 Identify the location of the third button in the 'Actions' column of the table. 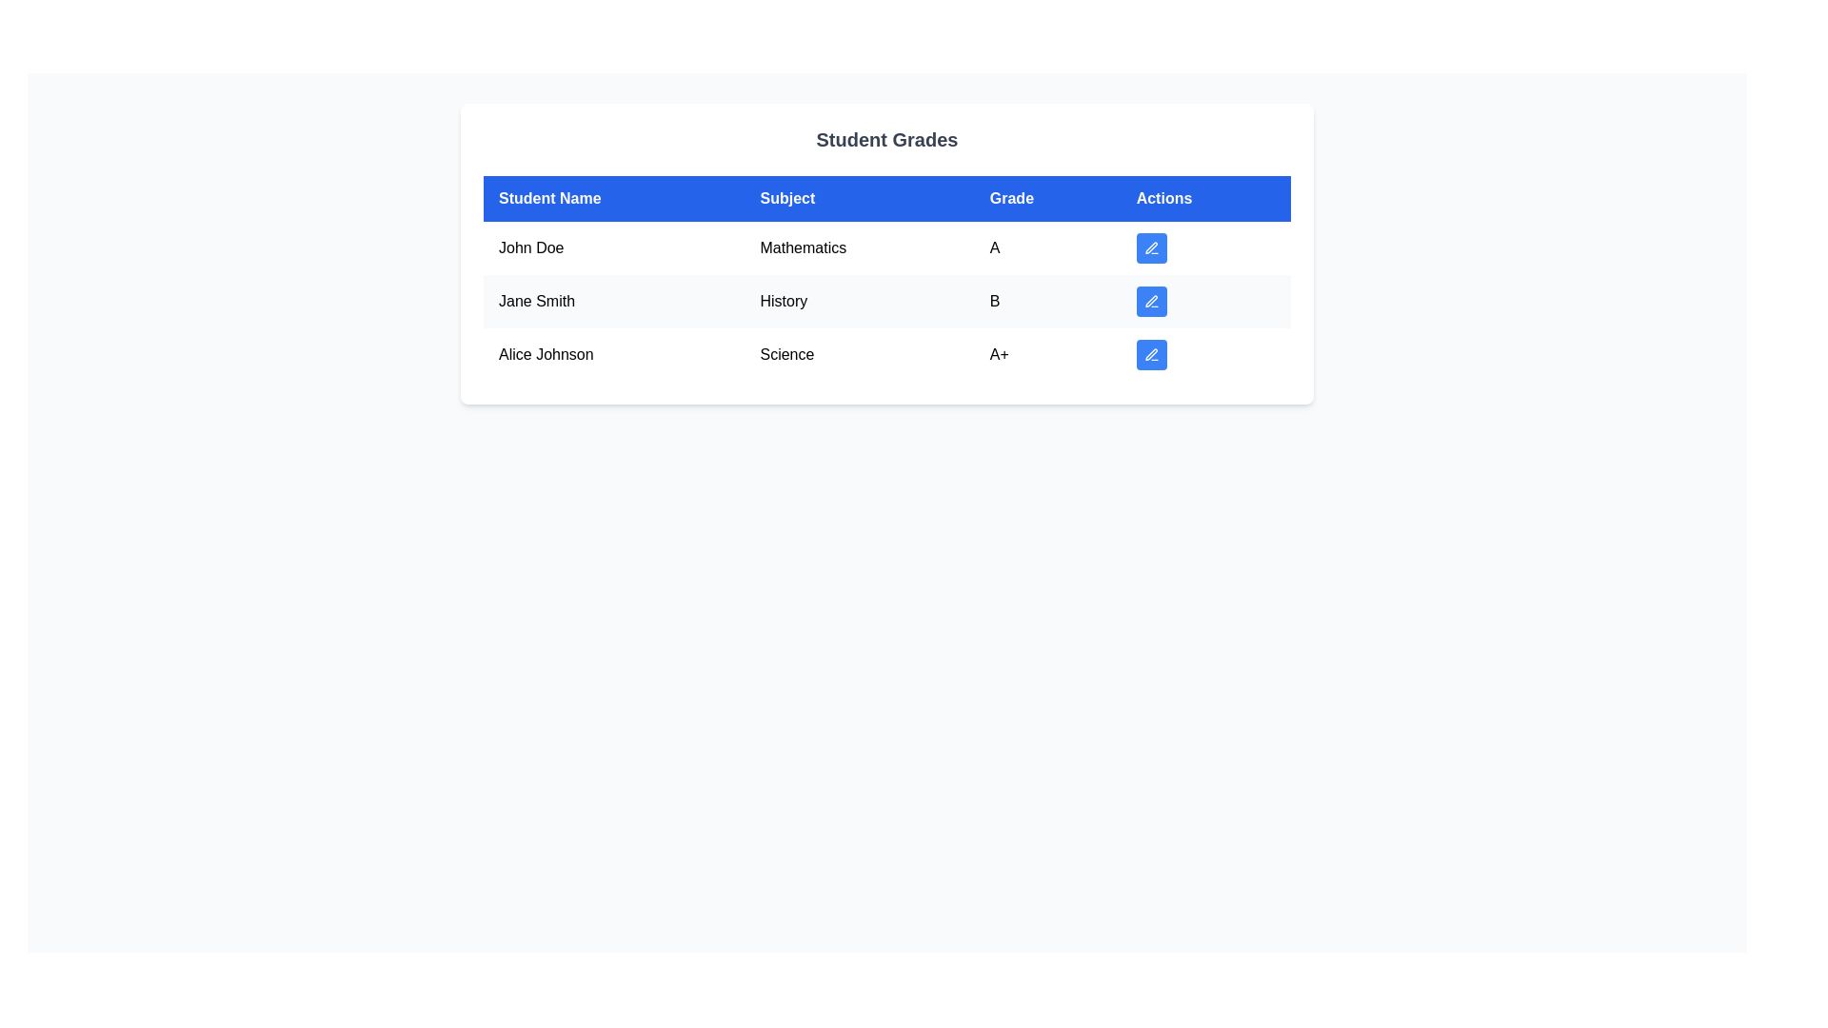
(1150, 355).